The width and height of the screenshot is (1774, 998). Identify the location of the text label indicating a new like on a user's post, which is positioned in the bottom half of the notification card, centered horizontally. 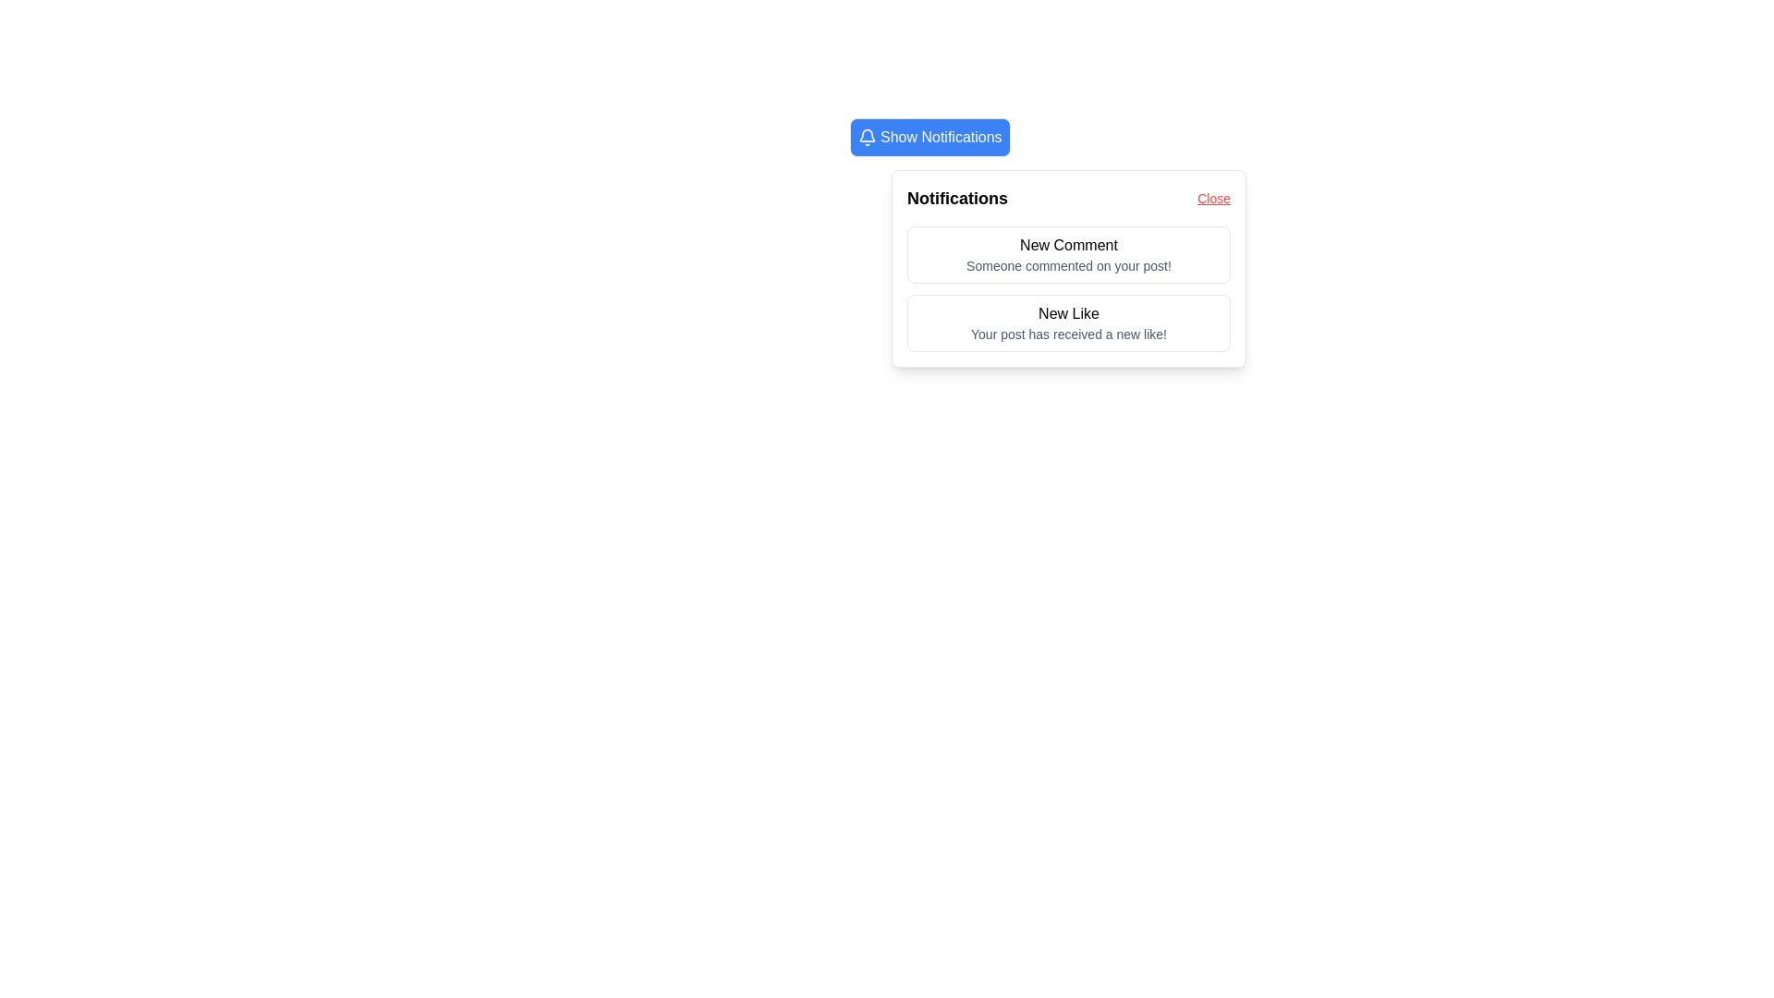
(1068, 312).